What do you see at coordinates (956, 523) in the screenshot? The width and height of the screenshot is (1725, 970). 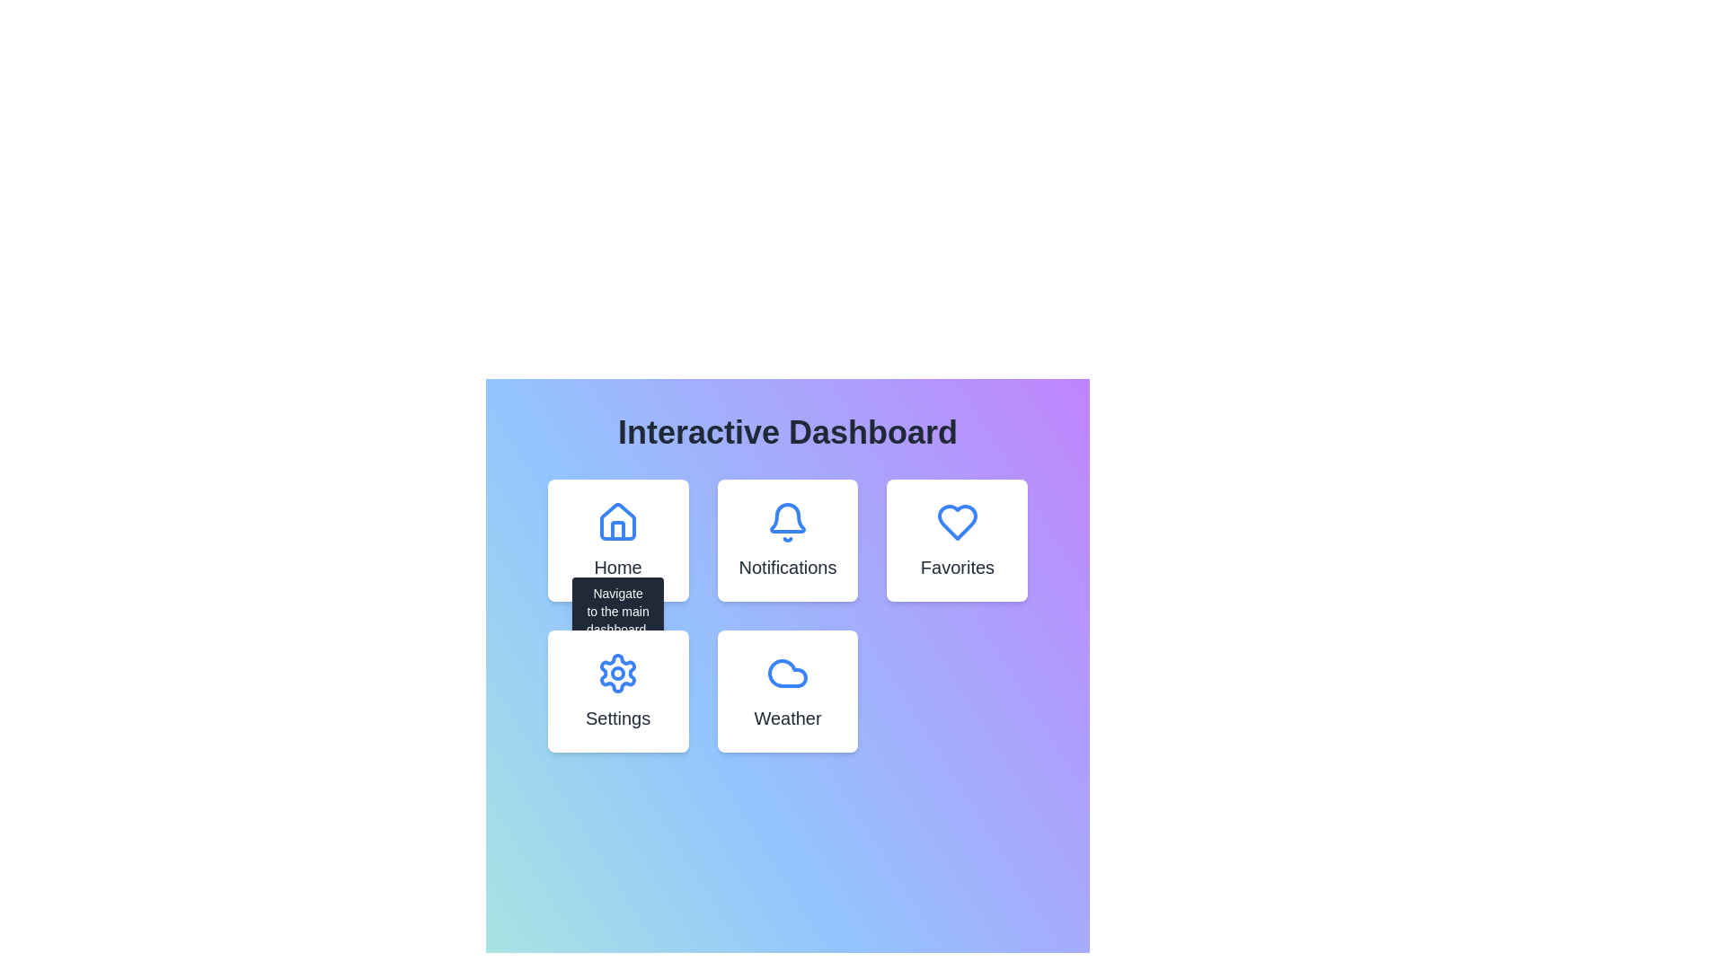 I see `the heart icon located at the center of the Favorites card in the top right area of the dashboard` at bounding box center [956, 523].